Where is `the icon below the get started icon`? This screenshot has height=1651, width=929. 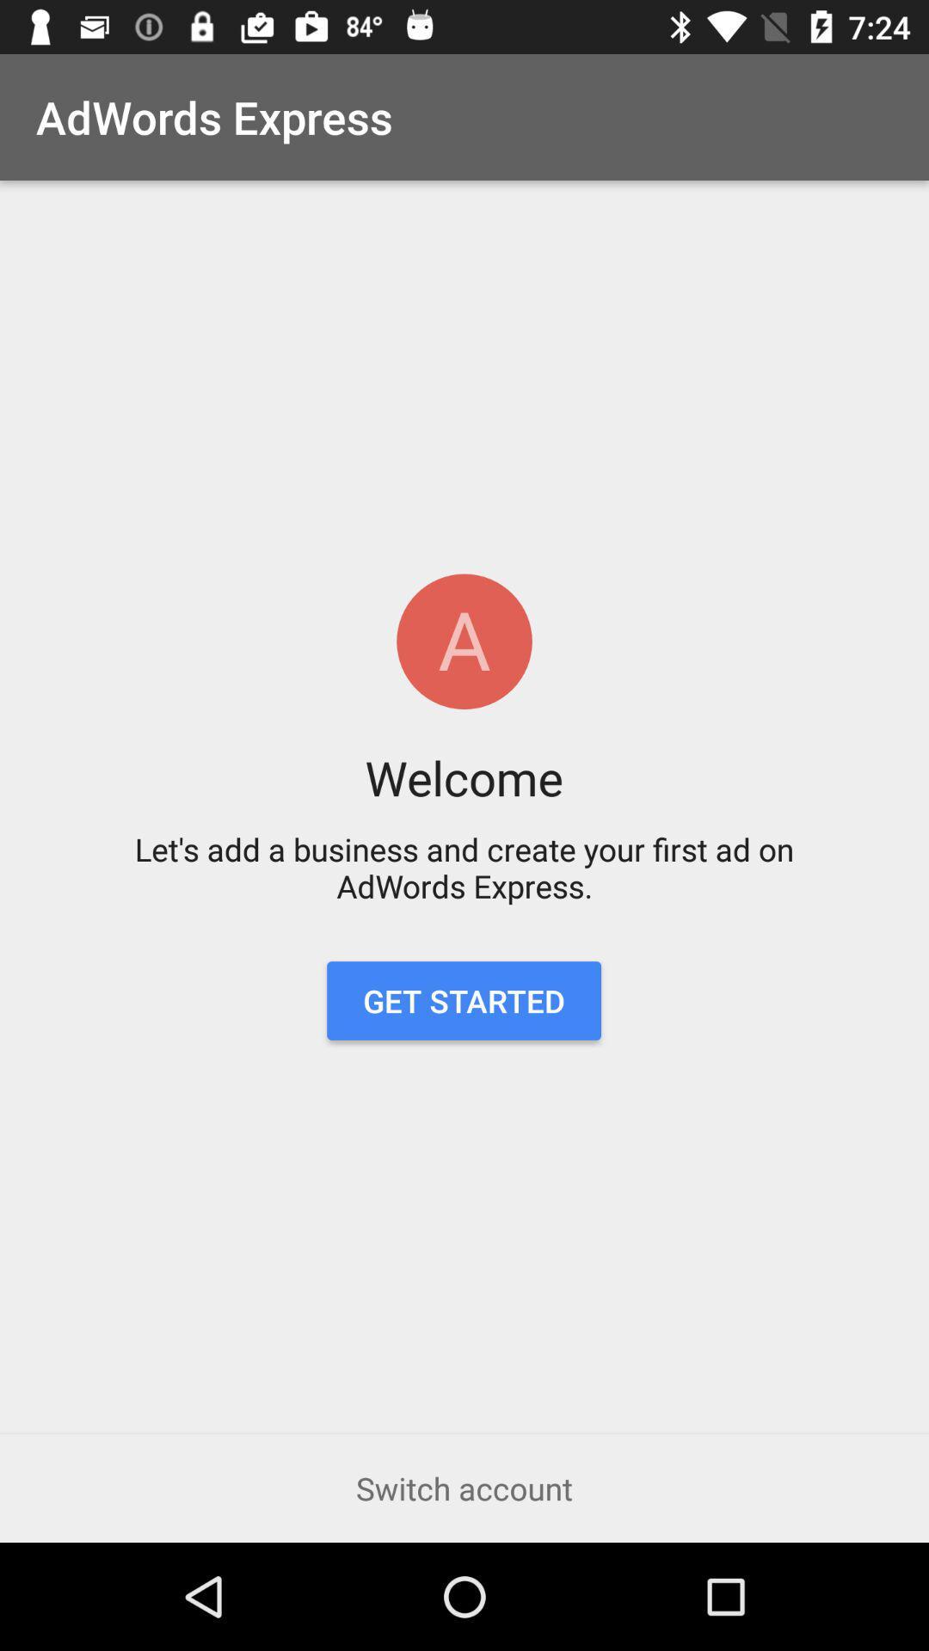
the icon below the get started icon is located at coordinates (464, 1488).